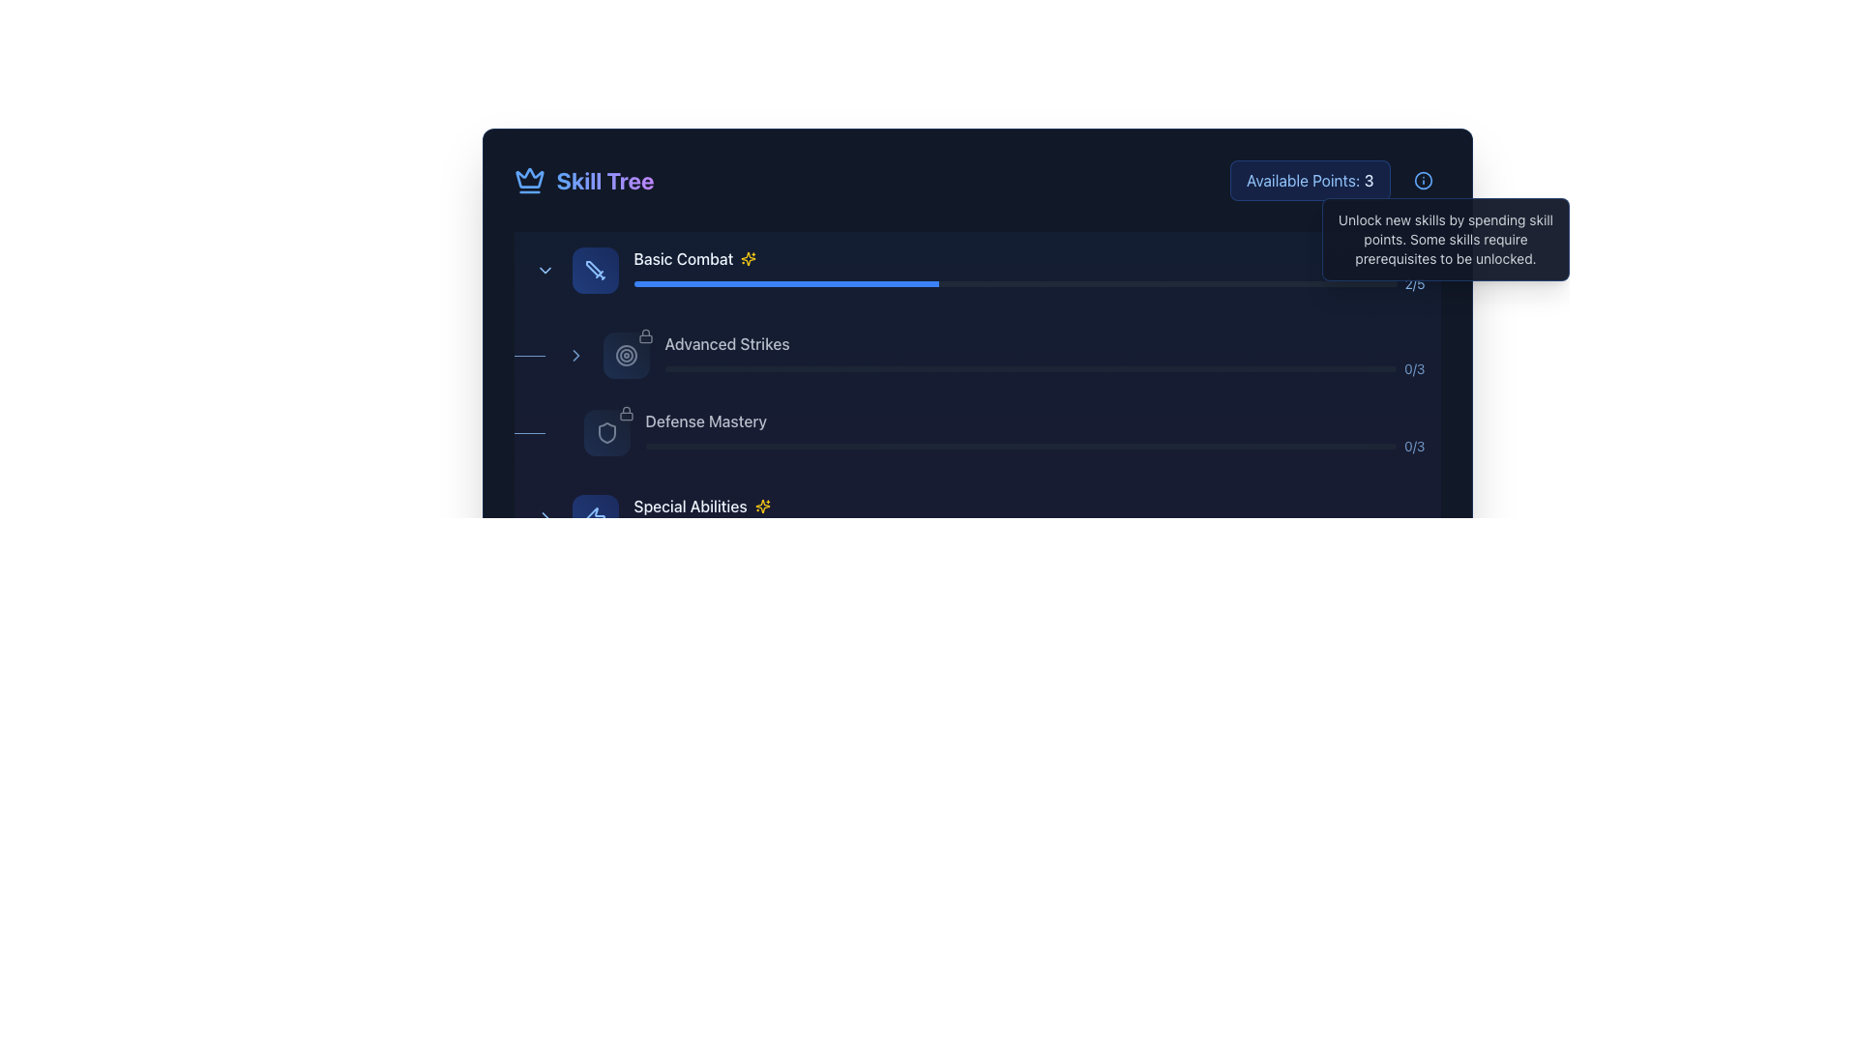  What do you see at coordinates (992, 431) in the screenshot?
I see `the 'Defense Mastery' skill detail row in the skill tree interface, which is the third position in the list, displaying the skill name and progress` at bounding box center [992, 431].